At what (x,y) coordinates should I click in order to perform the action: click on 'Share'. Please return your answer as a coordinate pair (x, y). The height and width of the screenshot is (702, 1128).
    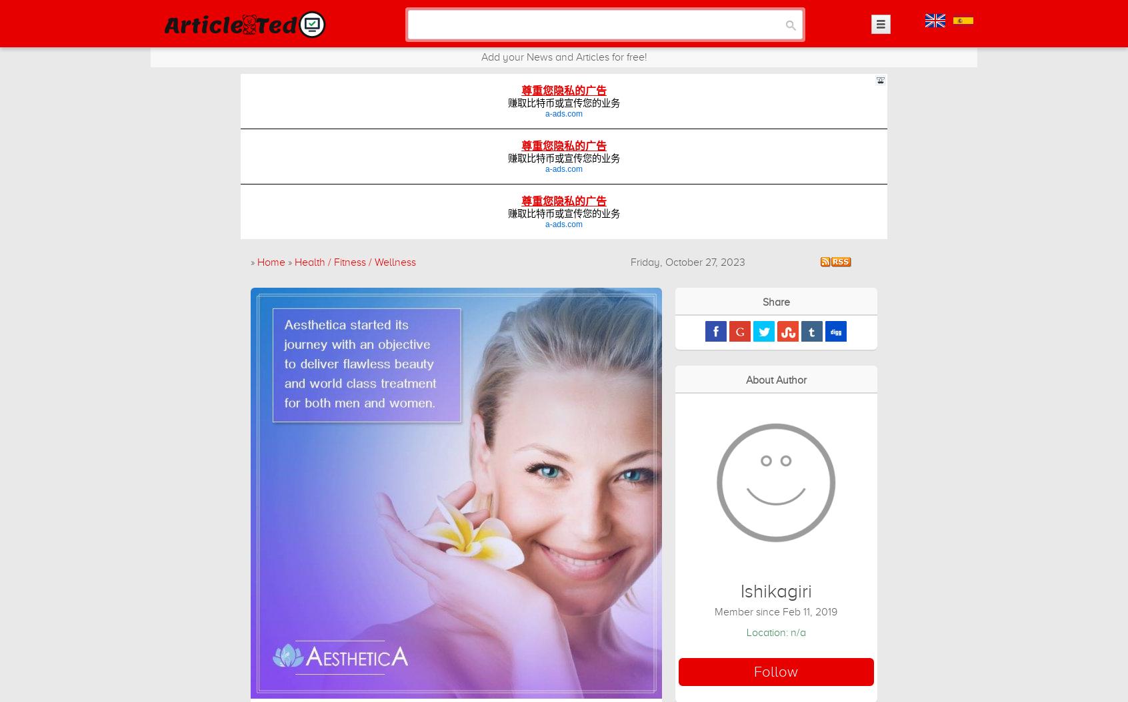
    Looking at the image, I should click on (761, 302).